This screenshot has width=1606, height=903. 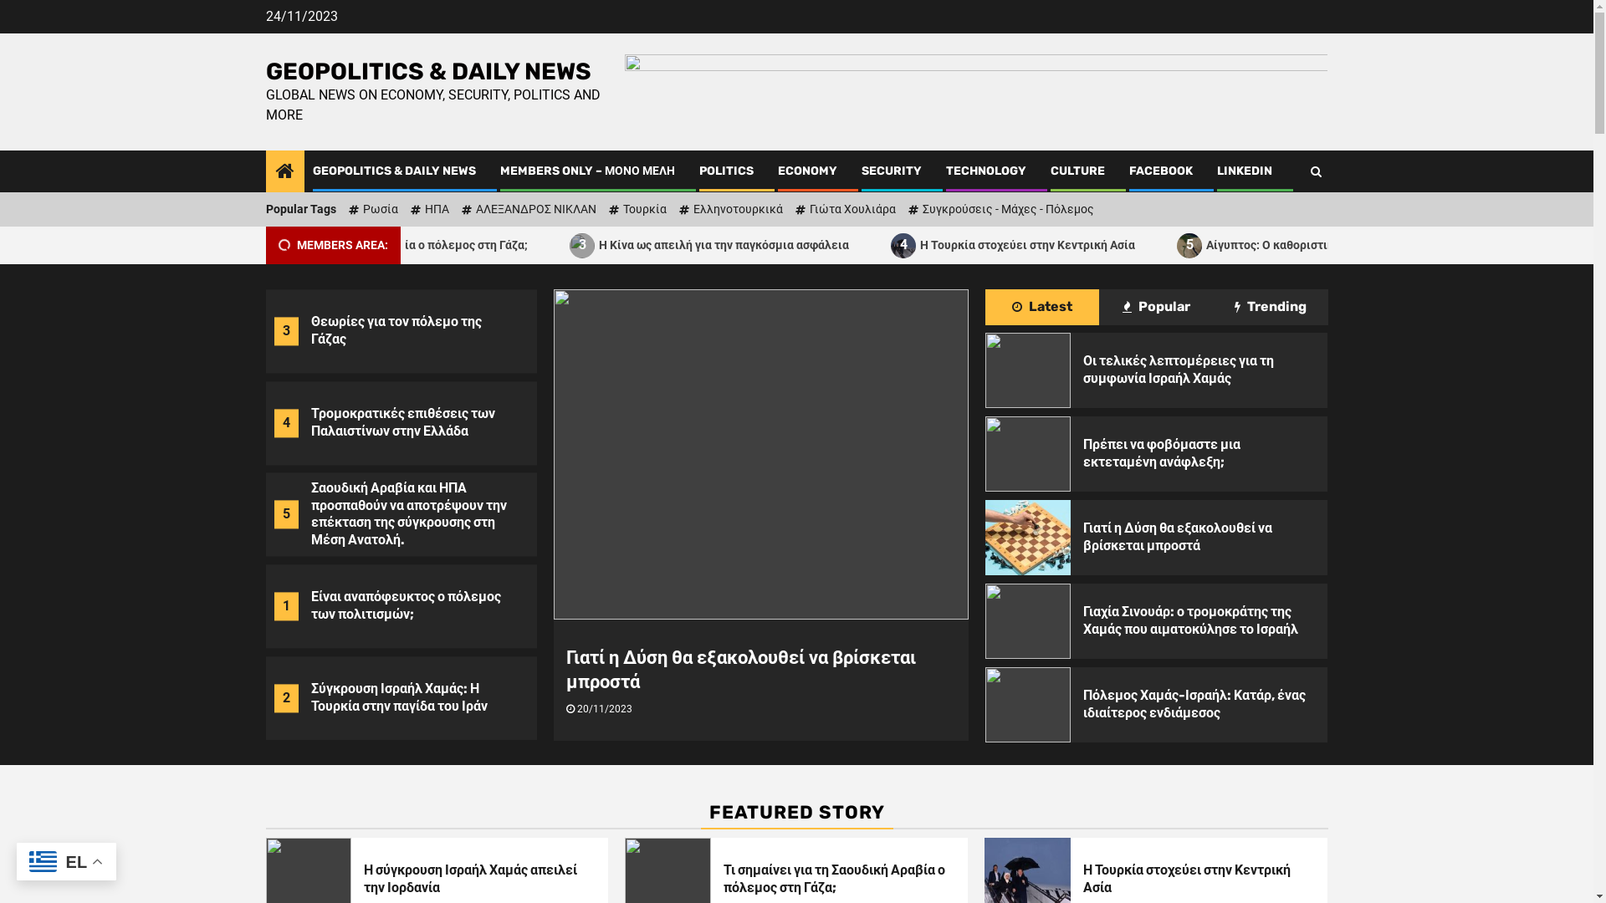 I want to click on 'Trending', so click(x=1271, y=307).